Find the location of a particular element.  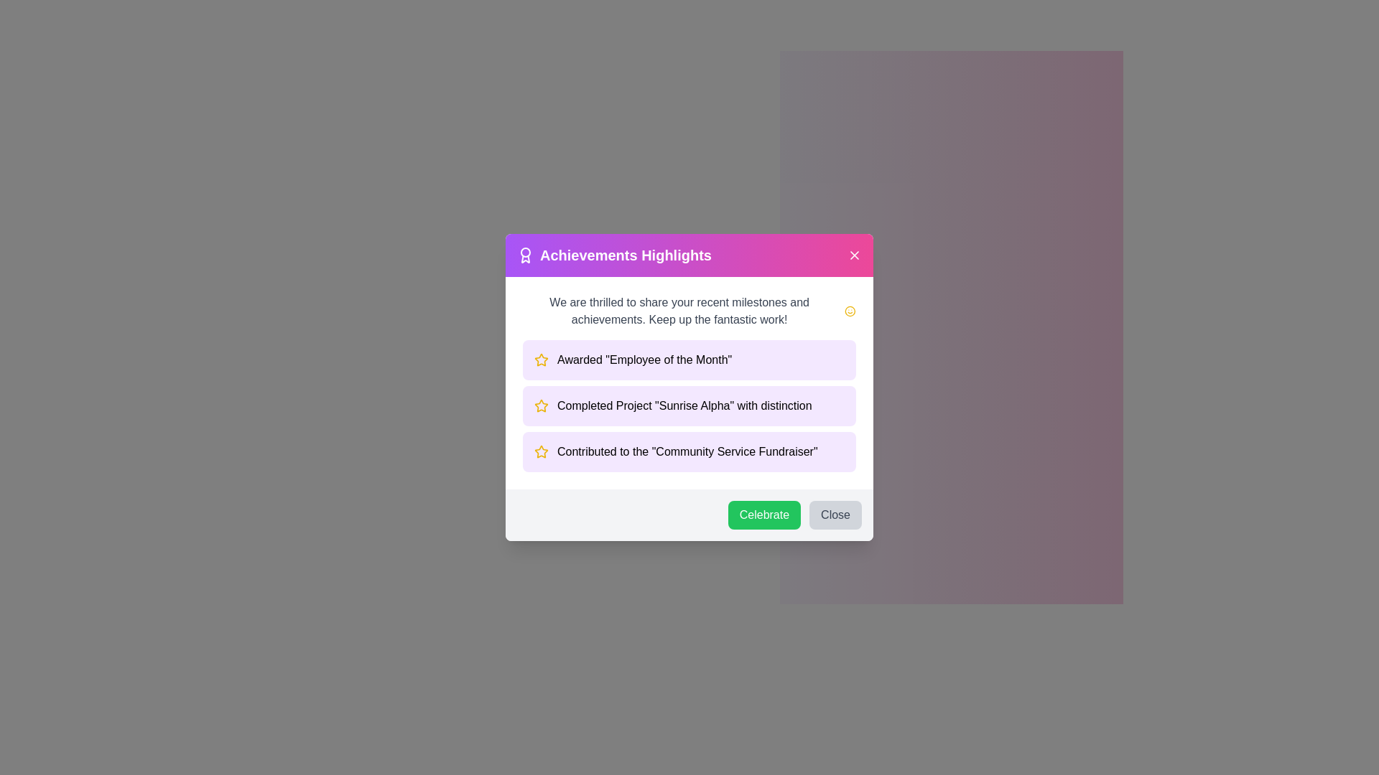

the second star-shaped icon in the 'Achievements Highlights' modal dialog, which signifies a highlight or rating indicator for the achievement 'Completed Project "Sunrise Alpha" with distinction' is located at coordinates (540, 359).